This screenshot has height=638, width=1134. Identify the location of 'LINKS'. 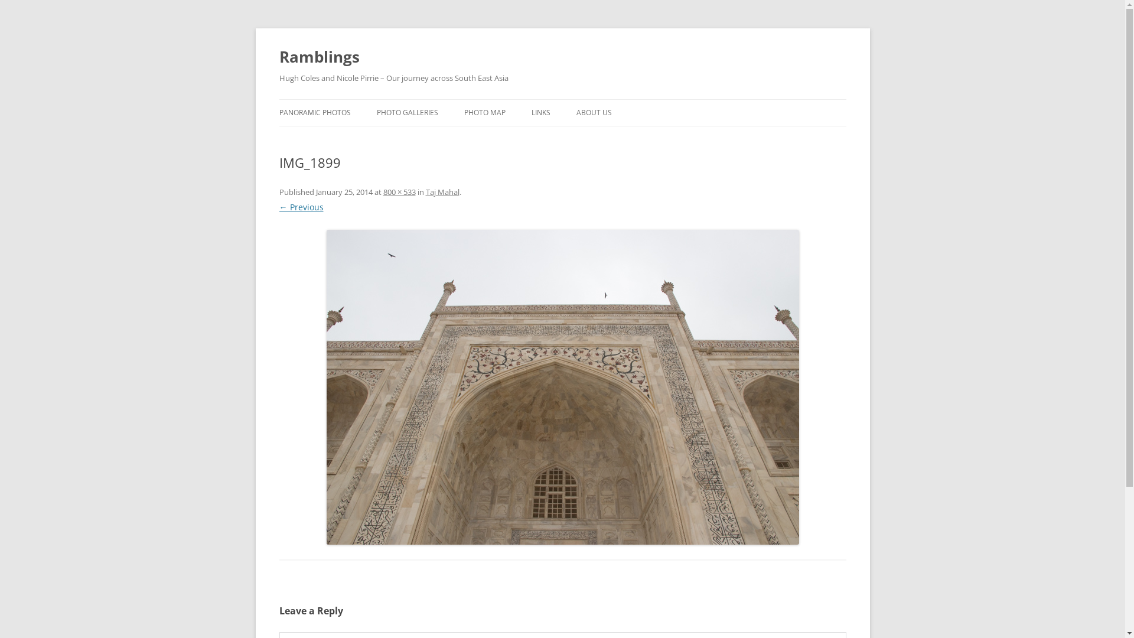
(531, 113).